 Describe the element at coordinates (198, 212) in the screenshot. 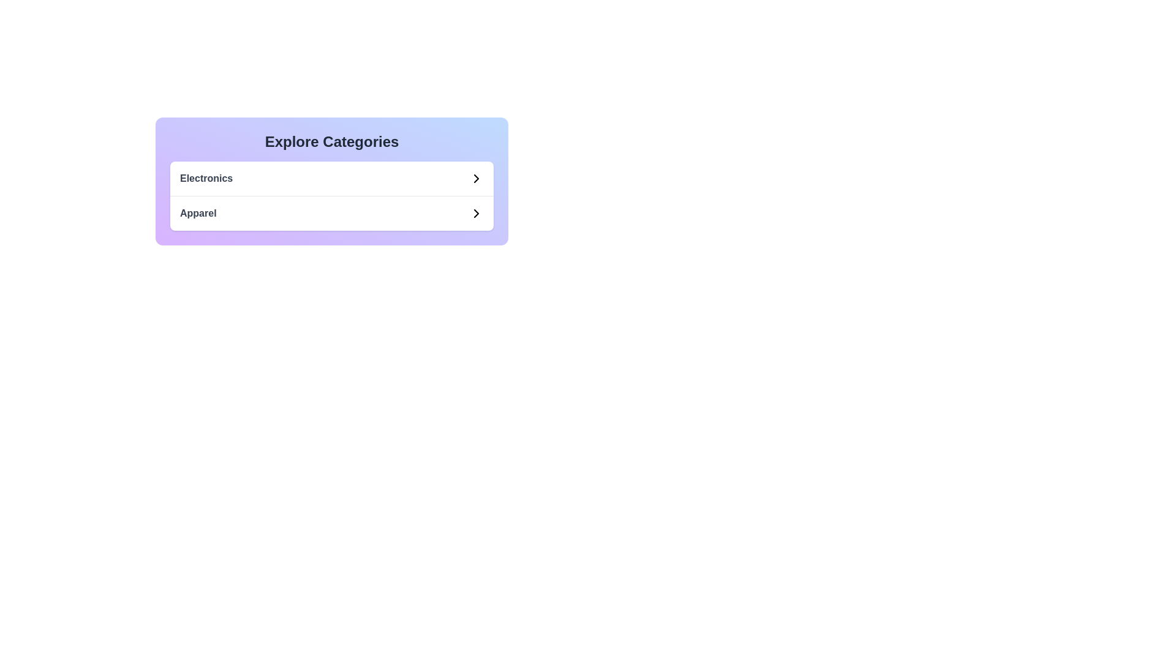

I see `the 'Apparel' category label located on the left side of the category exploration section, positioned below the 'Electronics' label and next to a chevron icon` at that location.